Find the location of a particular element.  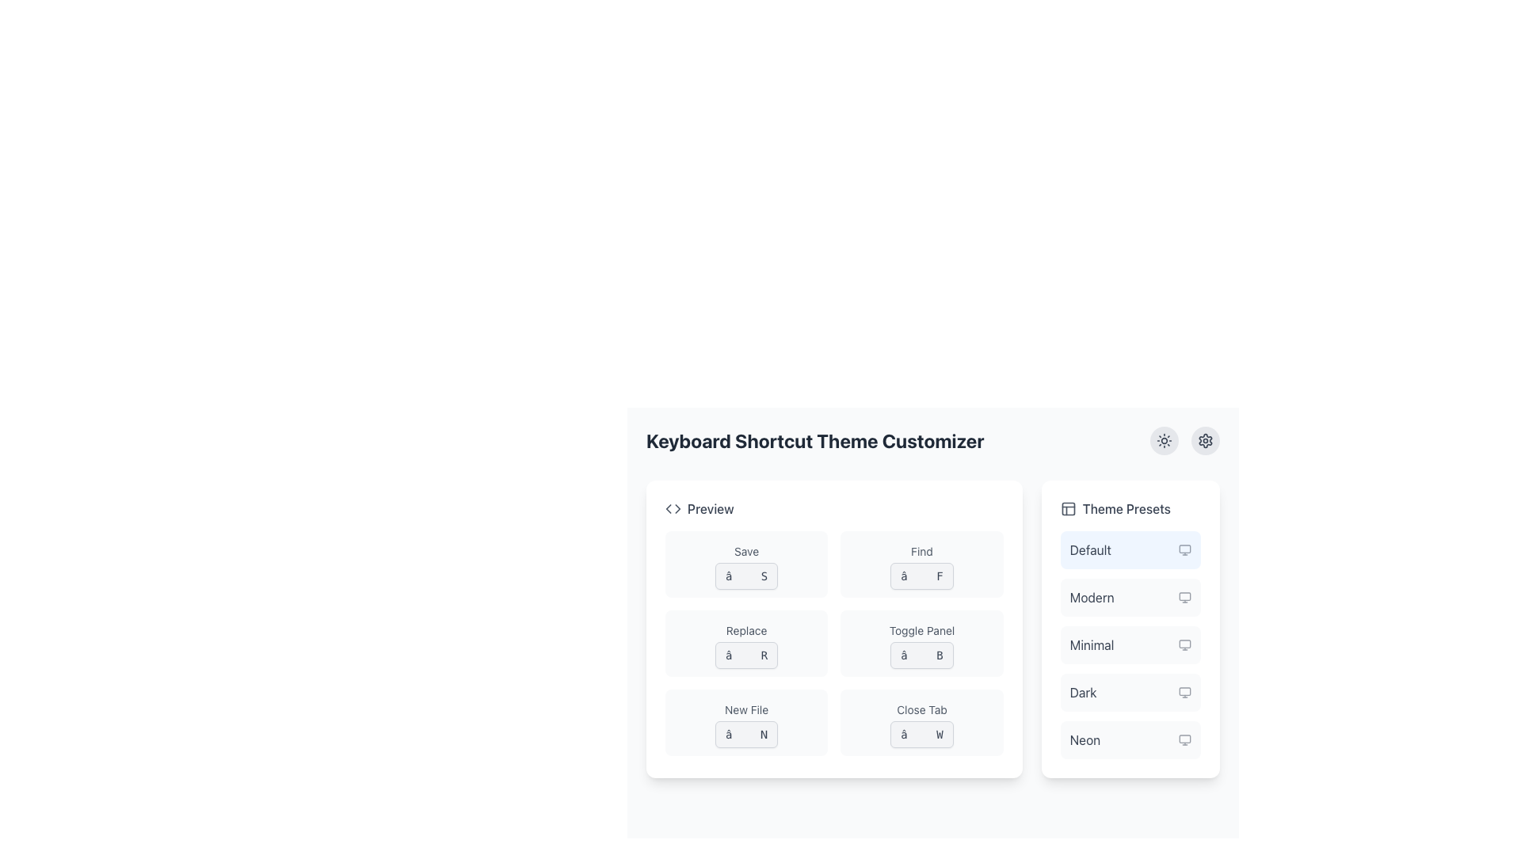

the selectable list item labeled 'Minimal' is located at coordinates (1130, 644).